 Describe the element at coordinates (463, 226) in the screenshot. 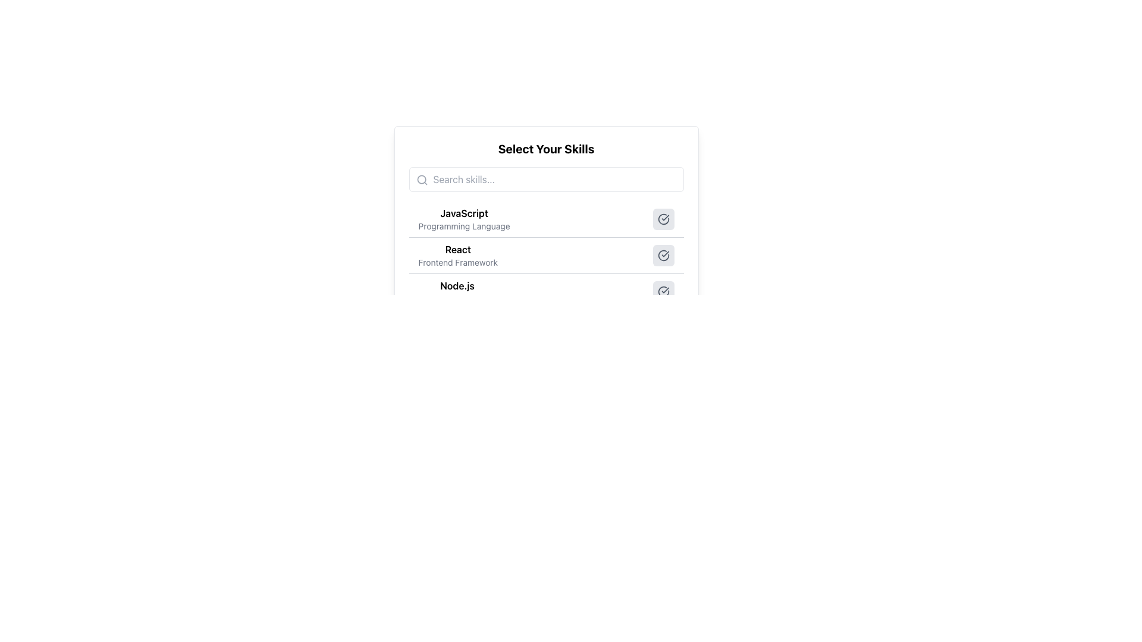

I see `the static label text displaying 'Programming Language' which is located beneath the bolded title 'JavaScript' in the 'Select Your Skills' section` at that location.